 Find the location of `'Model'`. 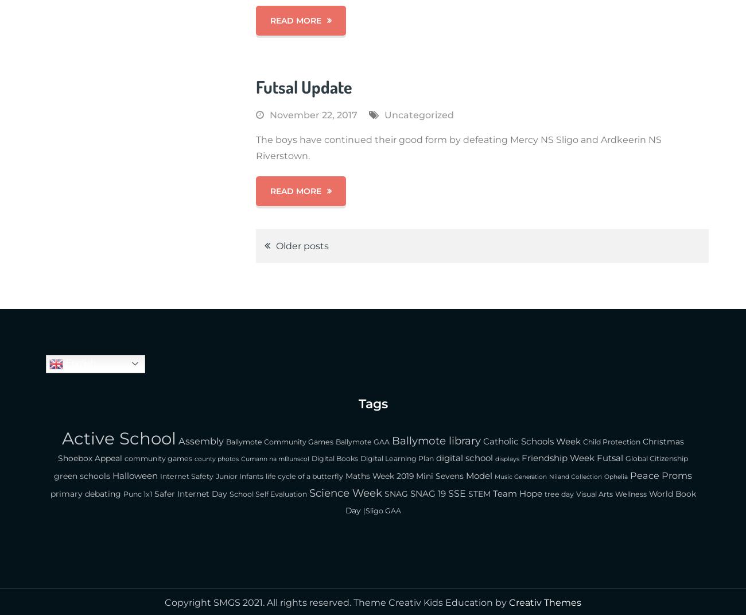

'Model' is located at coordinates (465, 475).